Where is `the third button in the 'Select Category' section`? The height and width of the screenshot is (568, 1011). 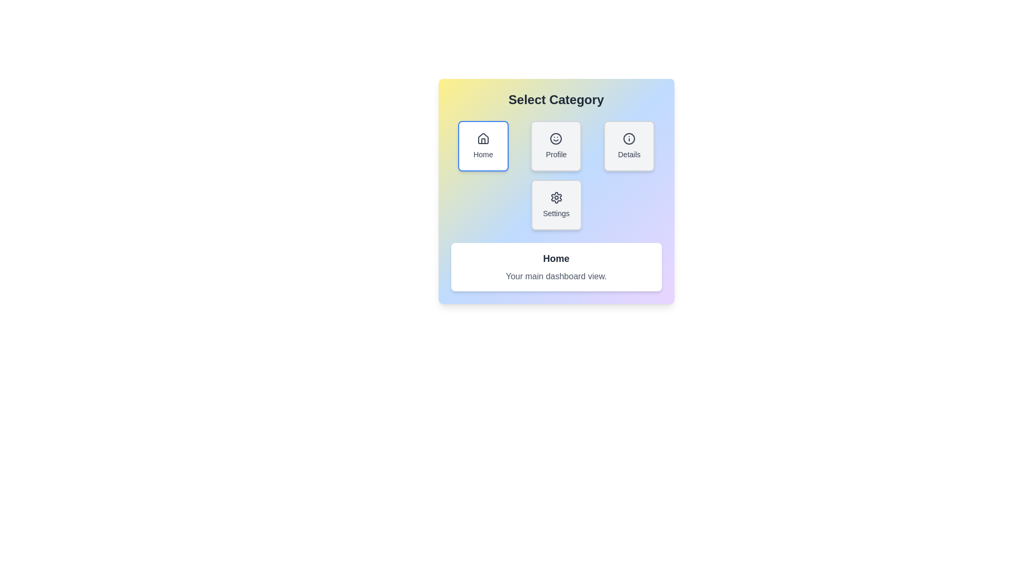
the third button in the 'Select Category' section is located at coordinates (629, 146).